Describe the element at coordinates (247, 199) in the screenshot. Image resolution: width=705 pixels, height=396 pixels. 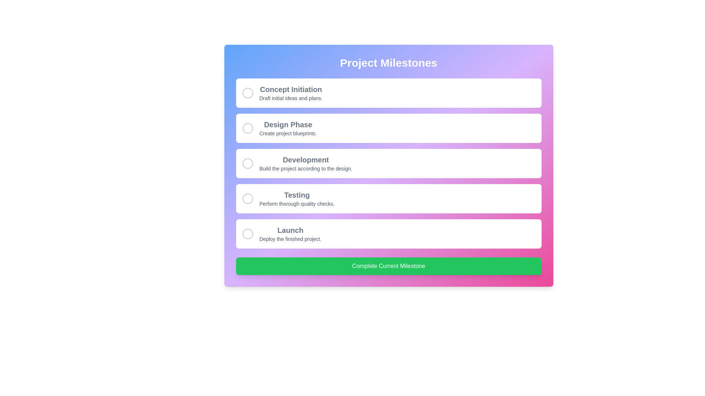
I see `the unselected radio button with a gray outline located in the 'Testing' milestone section of the Project Milestones list` at that location.